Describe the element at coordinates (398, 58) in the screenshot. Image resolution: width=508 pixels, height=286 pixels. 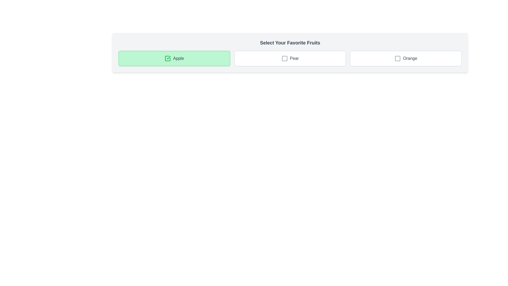
I see `the unselected checkbox within the 'Orange' card to trigger tooltip or highlight effects` at that location.